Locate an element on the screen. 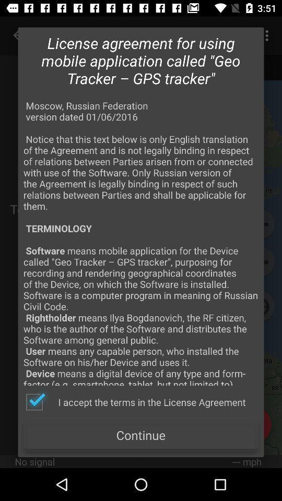 The image size is (282, 501). the i accept the app is located at coordinates (135, 401).